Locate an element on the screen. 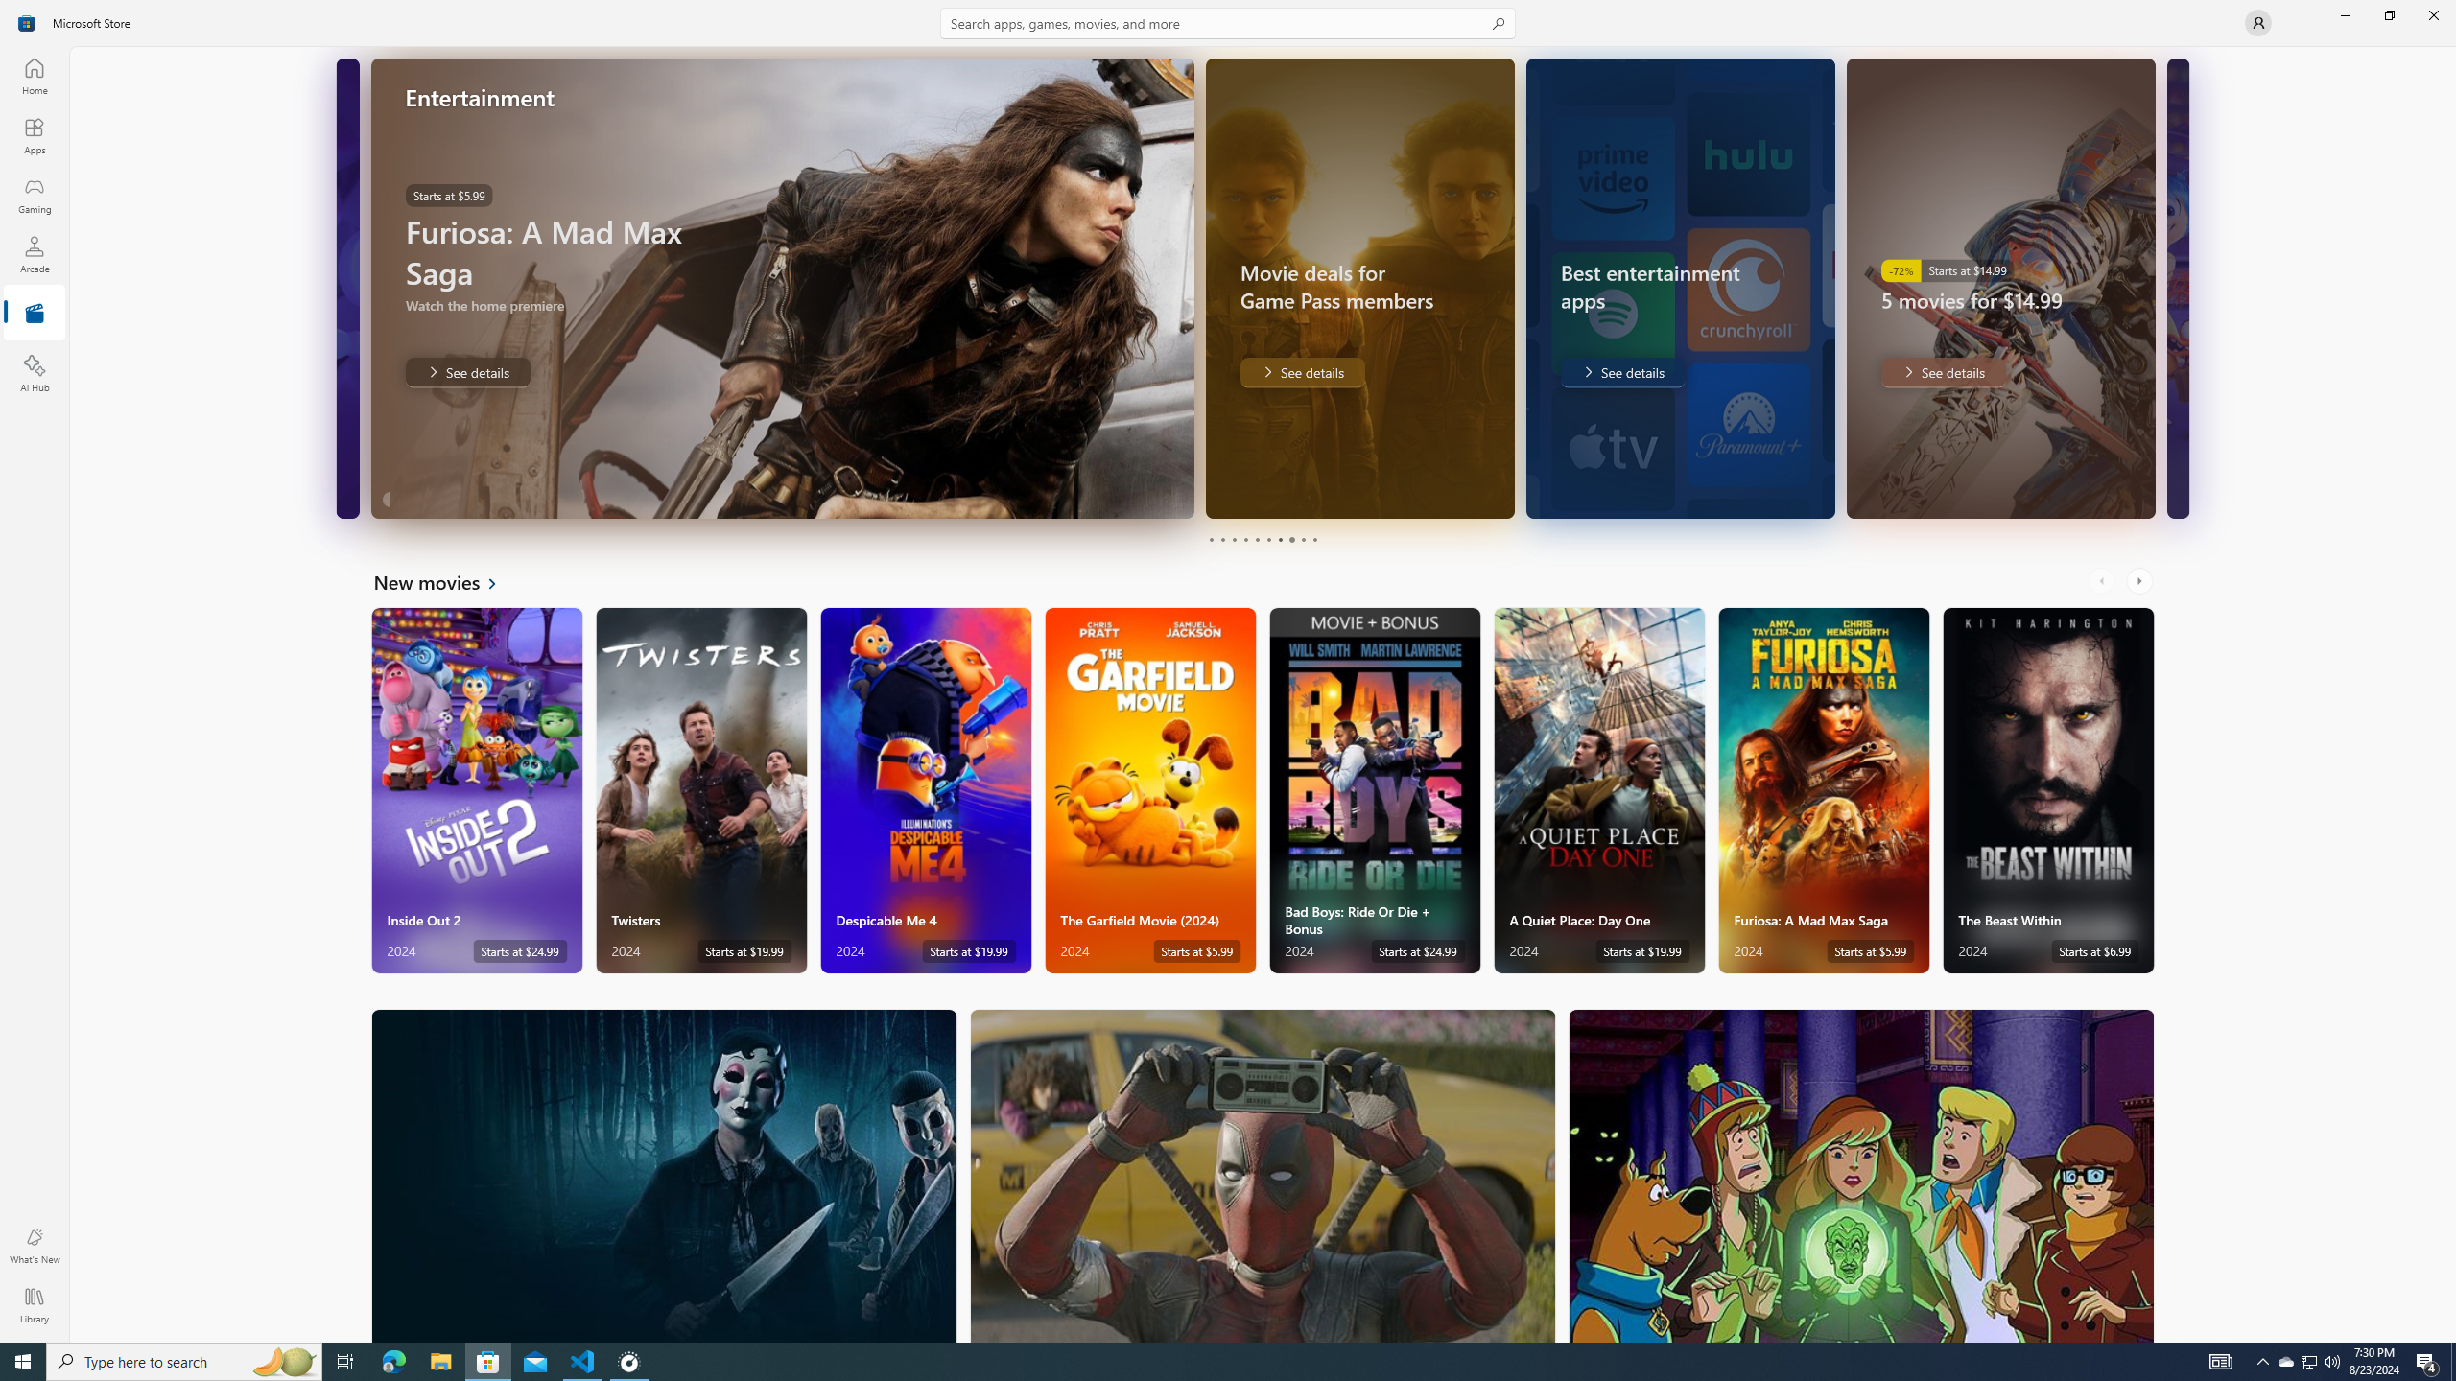 The height and width of the screenshot is (1381, 2456). 'Page 10' is located at coordinates (1313, 539).